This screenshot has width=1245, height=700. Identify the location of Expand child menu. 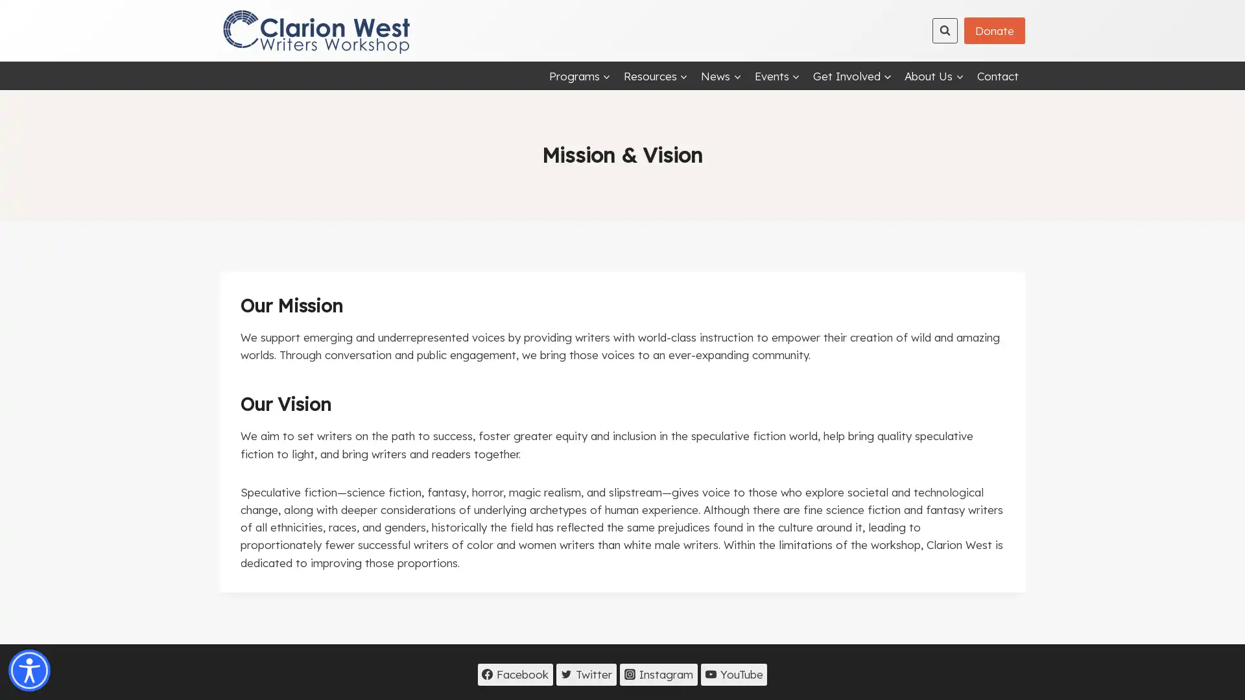
(720, 75).